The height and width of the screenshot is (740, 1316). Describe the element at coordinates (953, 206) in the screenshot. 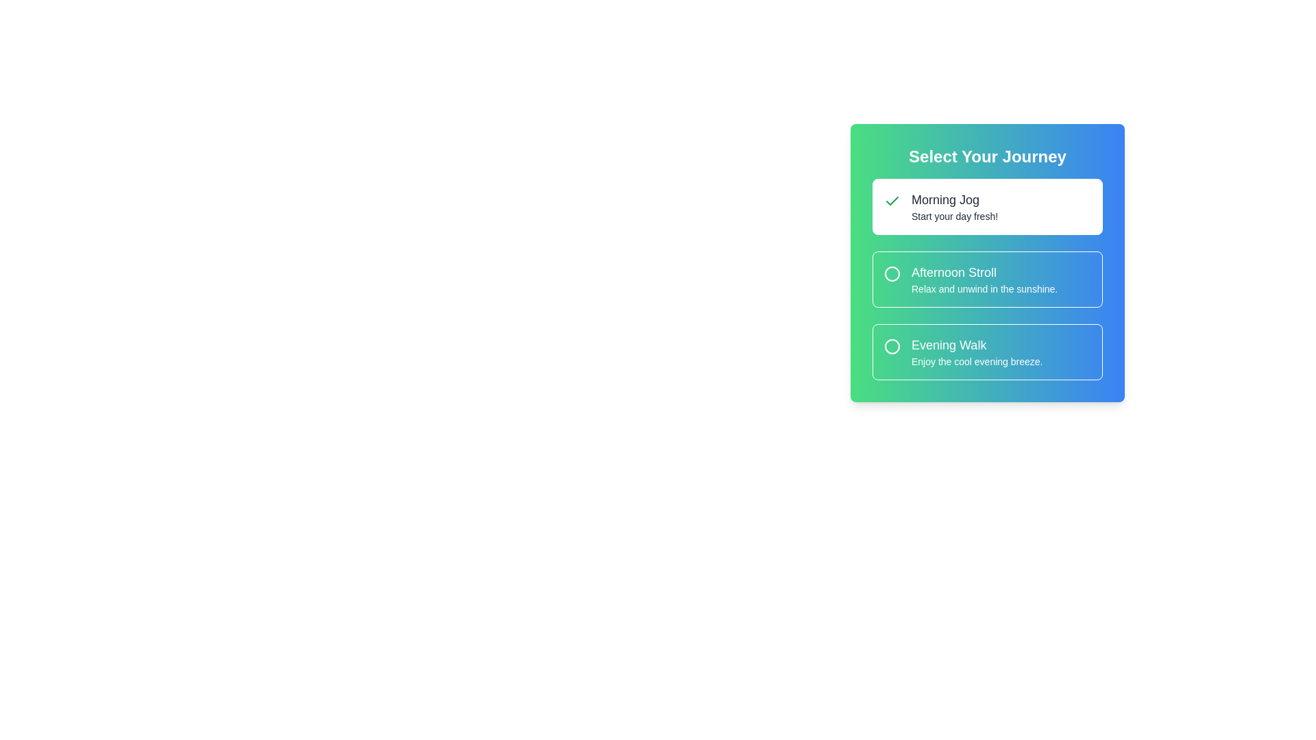

I see `the textual component displaying 'Morning Jog' and 'Start your day fresh!' which is centered within a white rectangular card with rounded corners` at that location.